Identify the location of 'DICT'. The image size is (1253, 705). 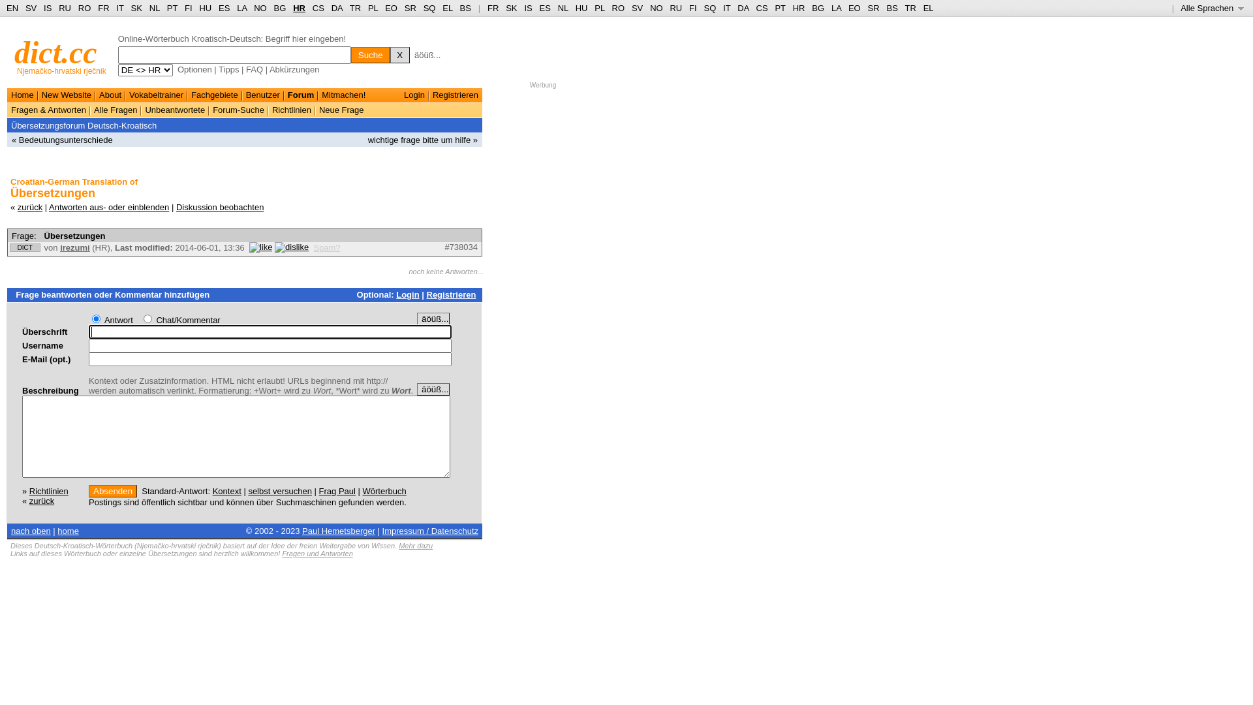
(25, 247).